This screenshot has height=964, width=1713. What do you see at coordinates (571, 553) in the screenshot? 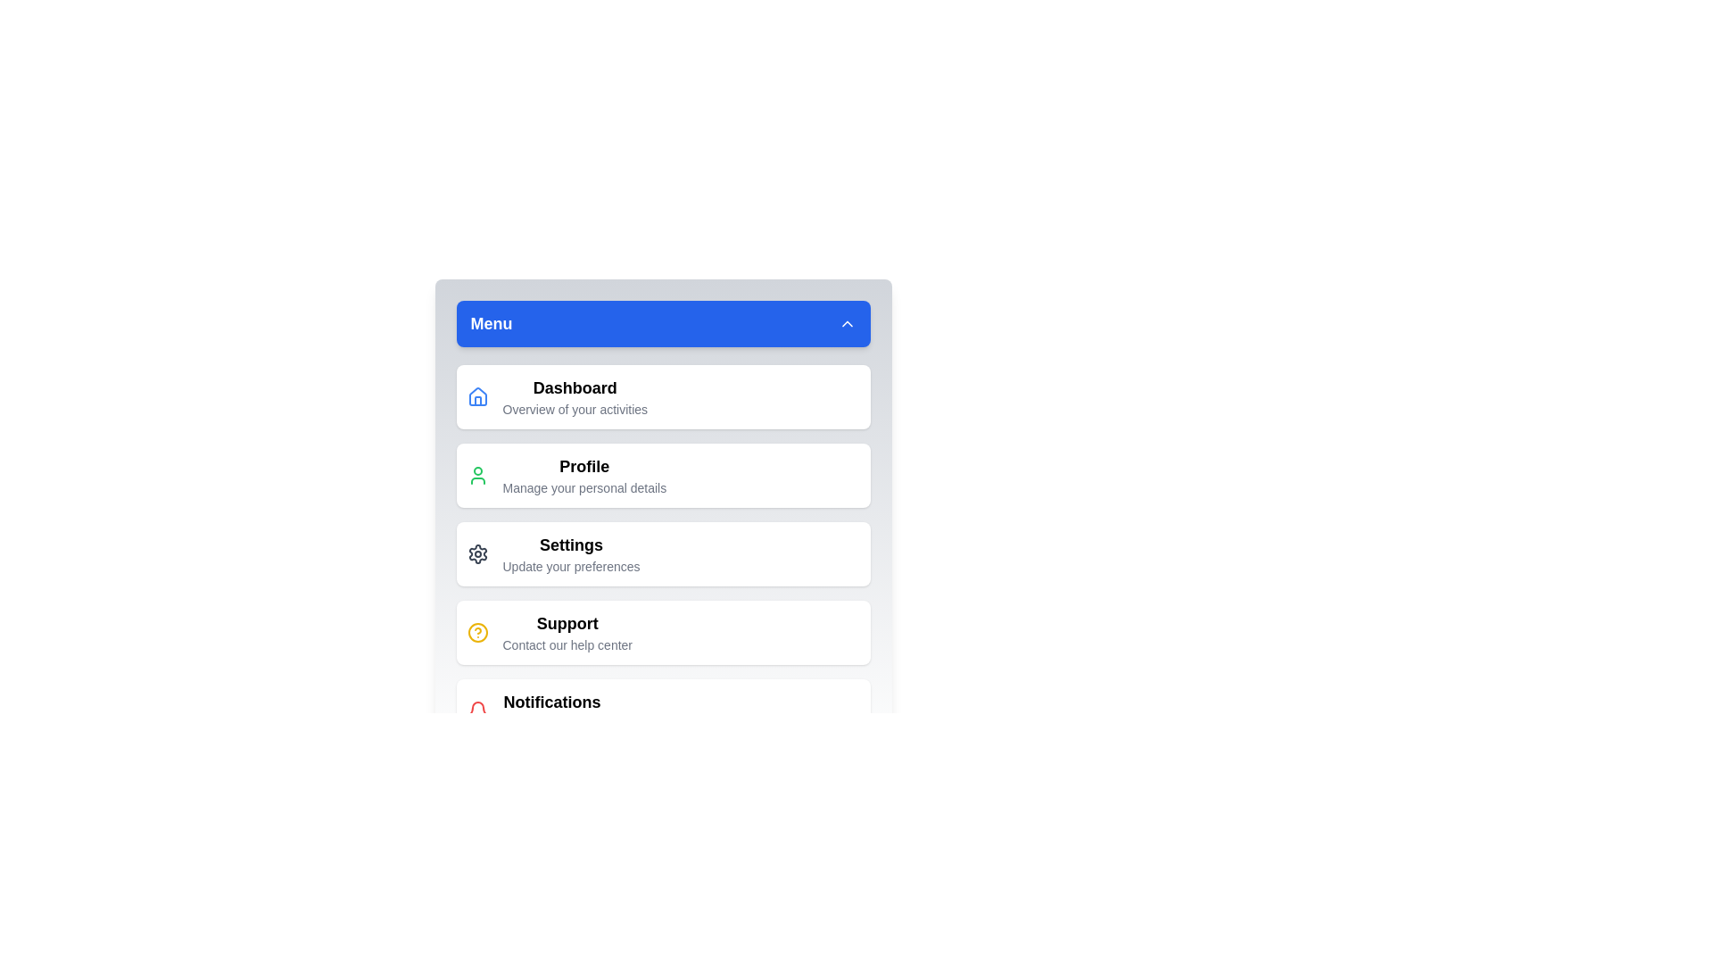
I see `the 'Settings' text block, which is the third item in the vertical menu list` at bounding box center [571, 553].